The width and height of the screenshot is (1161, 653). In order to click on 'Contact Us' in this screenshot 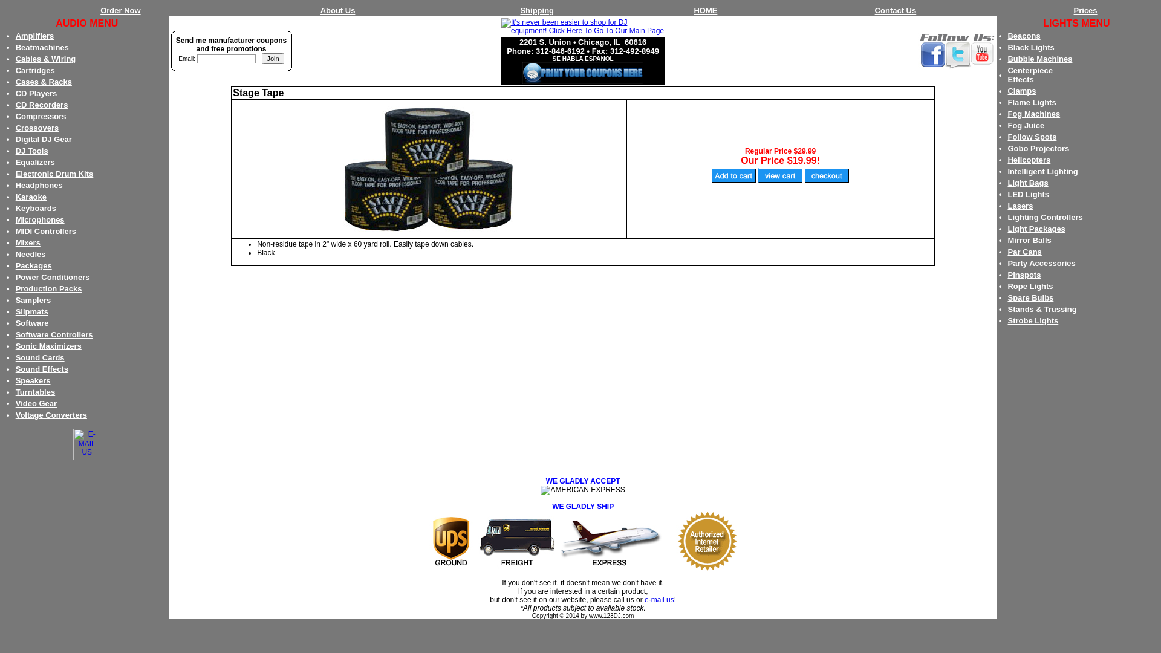, I will do `click(896, 10)`.